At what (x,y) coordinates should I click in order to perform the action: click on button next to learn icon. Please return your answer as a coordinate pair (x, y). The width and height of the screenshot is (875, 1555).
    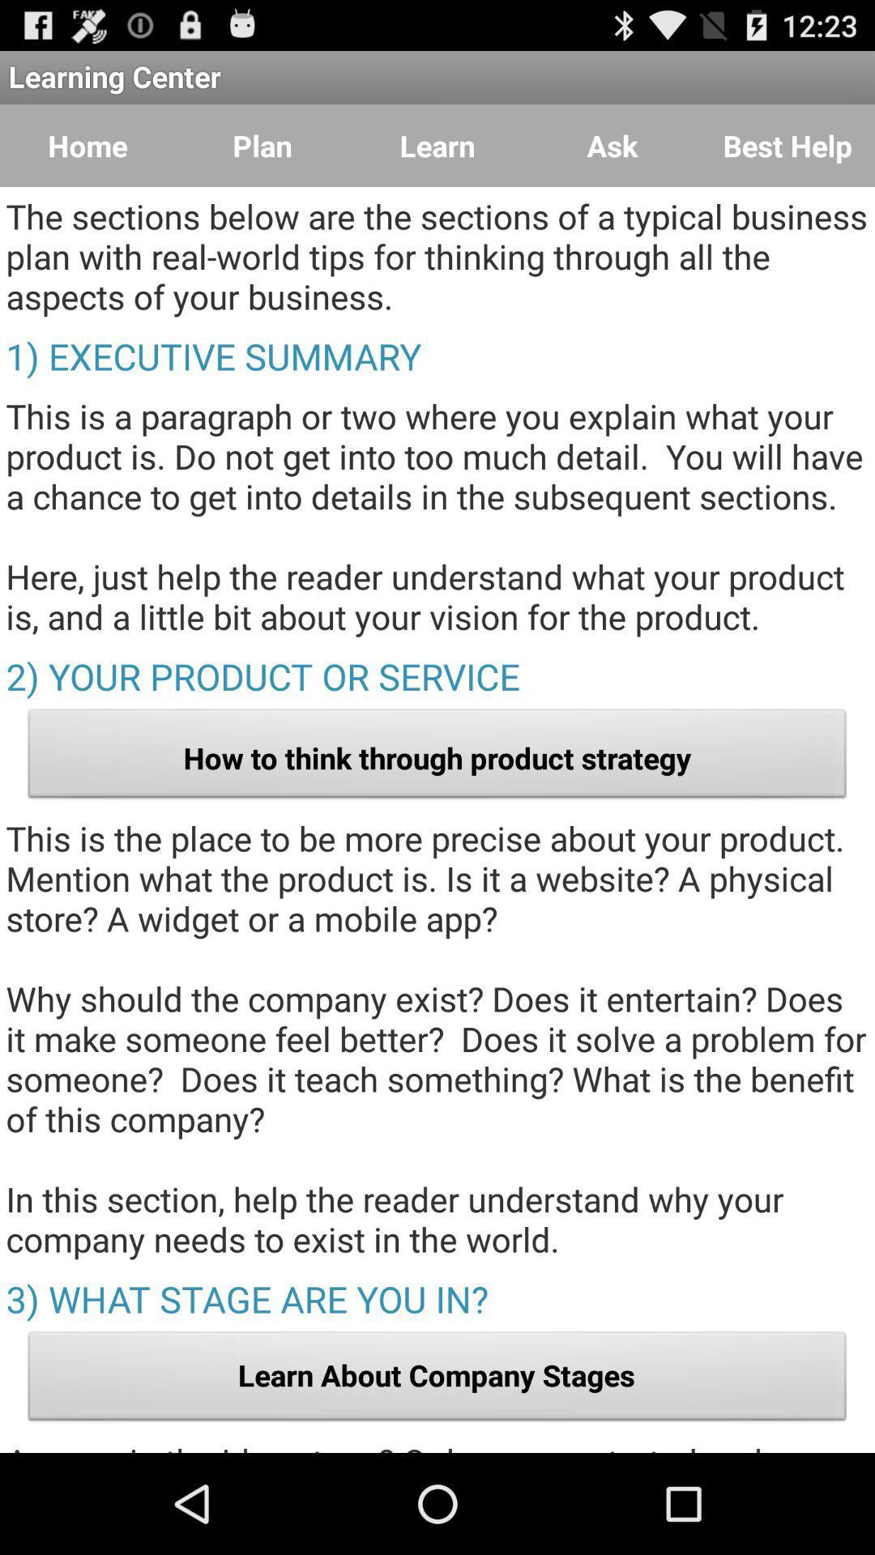
    Looking at the image, I should click on (612, 146).